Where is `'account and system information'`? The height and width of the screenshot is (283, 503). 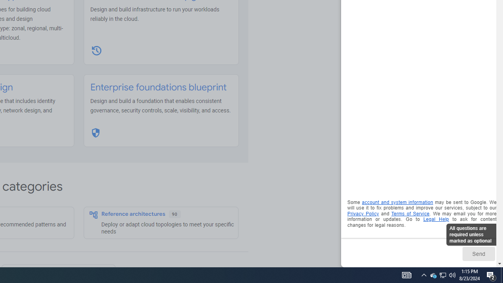 'account and system information' is located at coordinates (398, 202).